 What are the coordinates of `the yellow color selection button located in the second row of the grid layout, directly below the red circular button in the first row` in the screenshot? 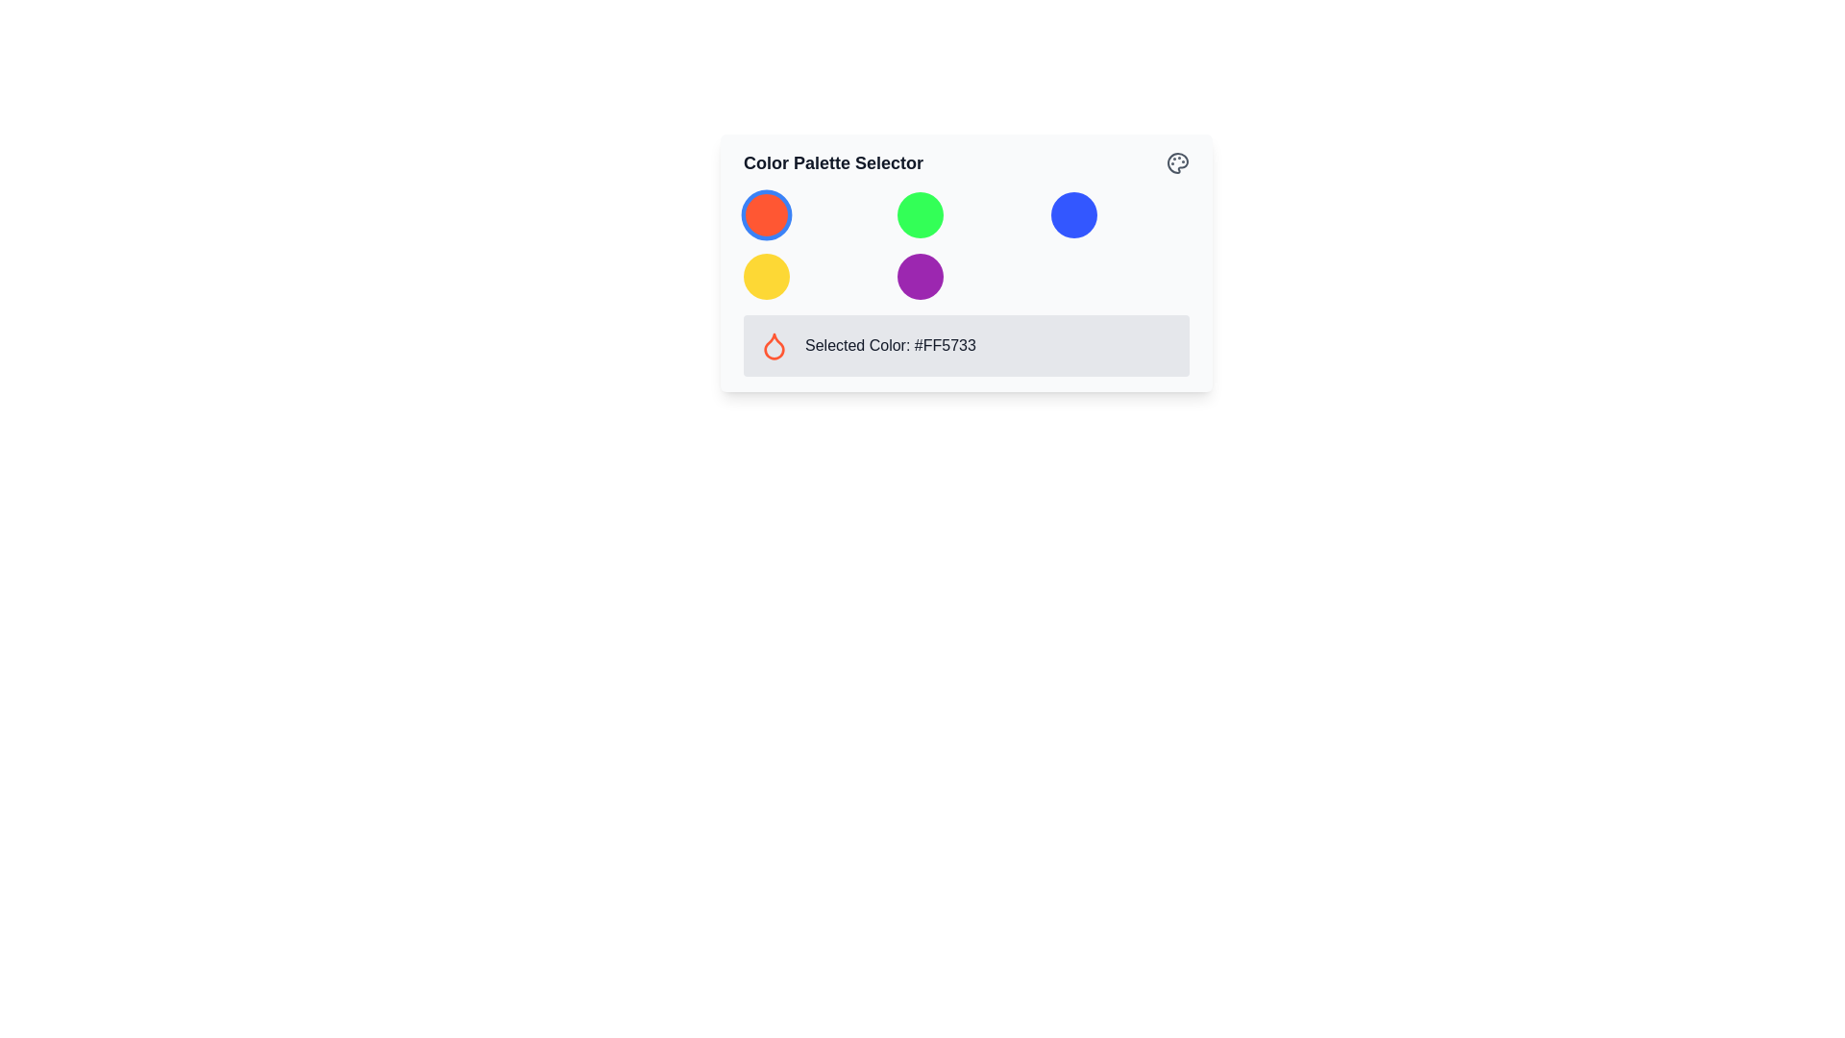 It's located at (765, 277).